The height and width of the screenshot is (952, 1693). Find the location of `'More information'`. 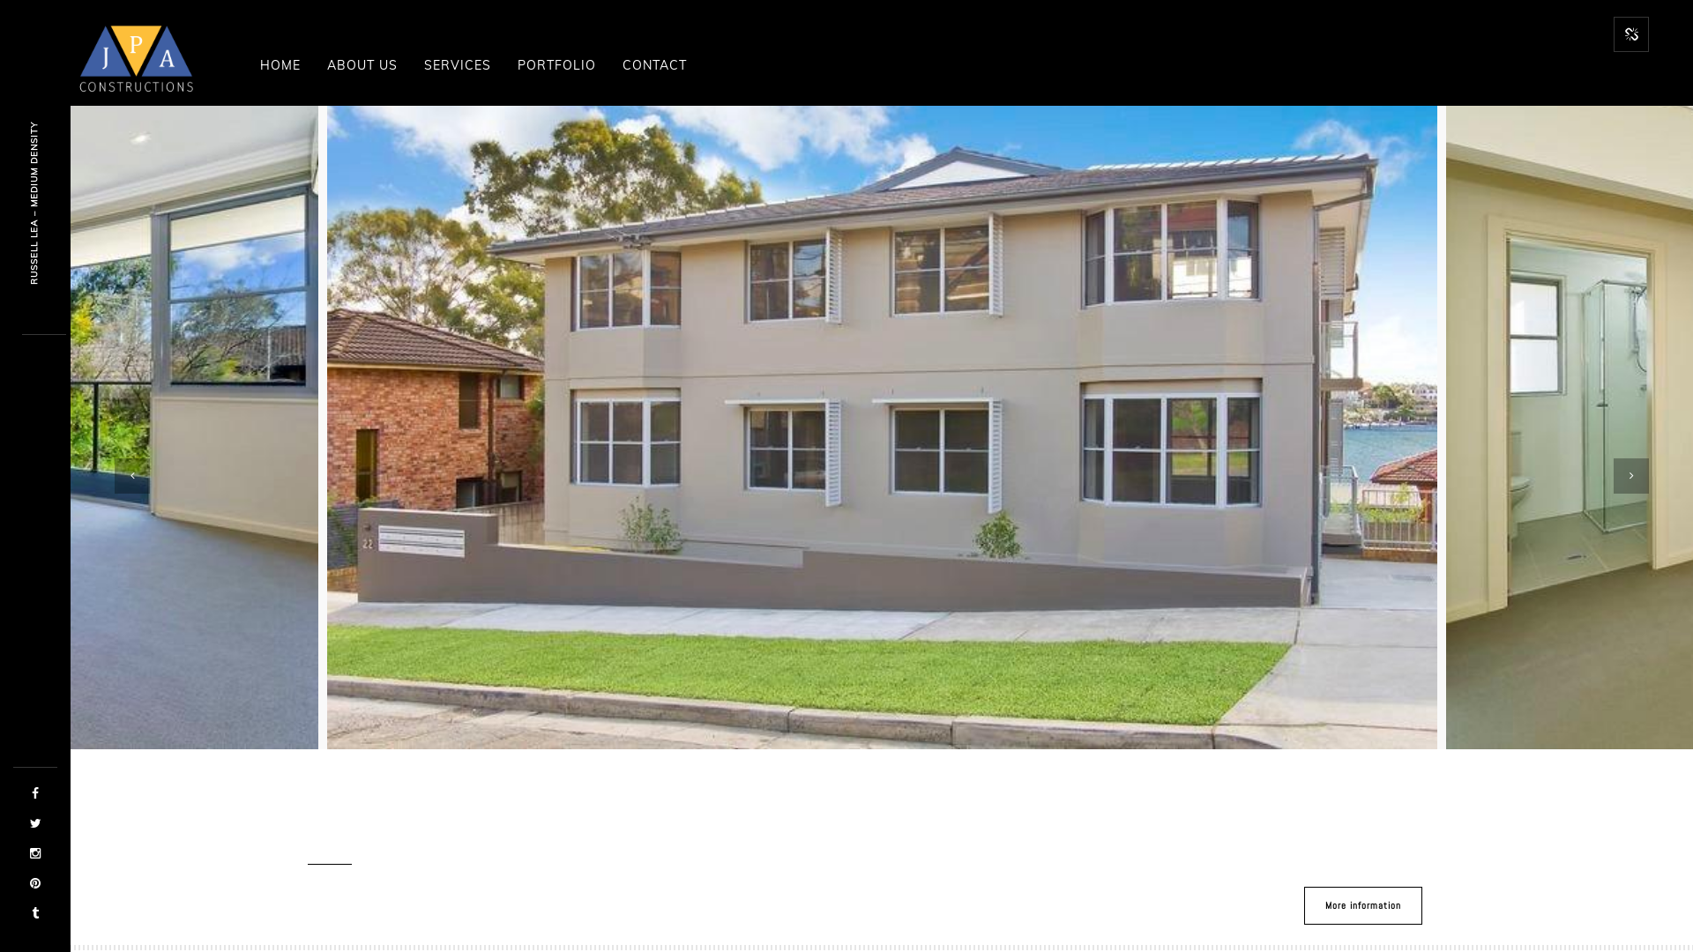

'More information' is located at coordinates (1361, 905).